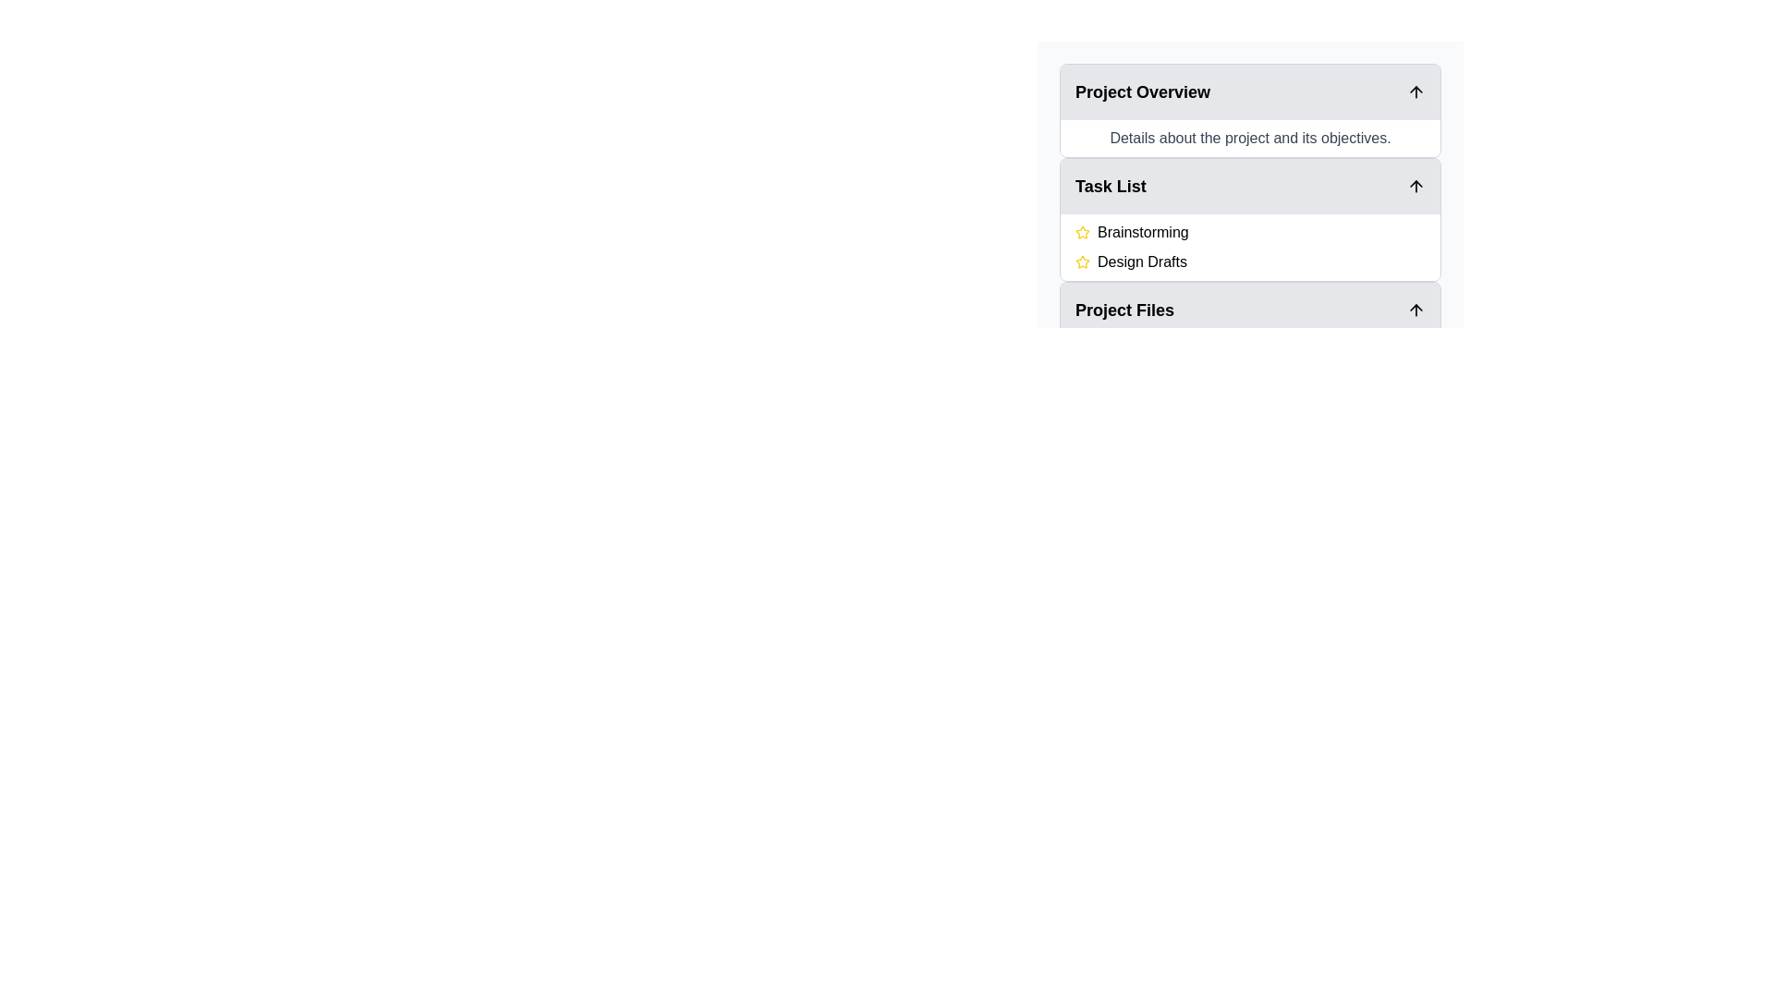  I want to click on the star icon, so click(1082, 262).